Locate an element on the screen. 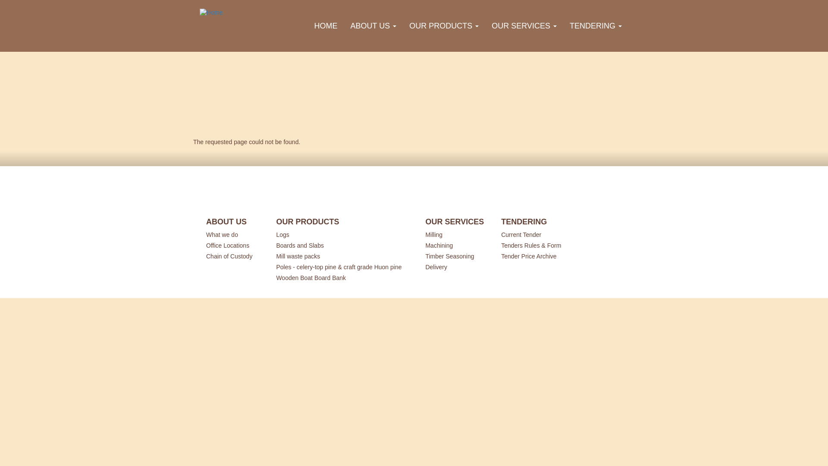 This screenshot has width=828, height=466. 'TENDERING' is located at coordinates (595, 25).